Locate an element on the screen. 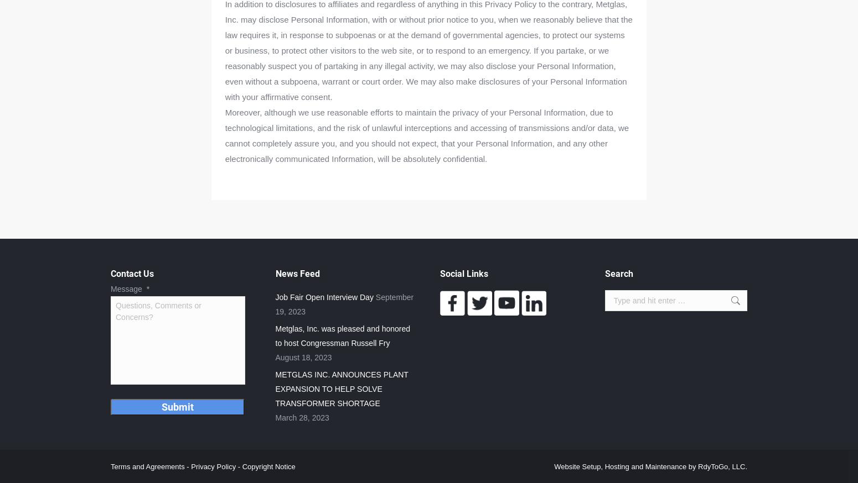  'Metglas, Inc. was pleased and honored to host Congressman Russell Fry' is located at coordinates (343, 335).